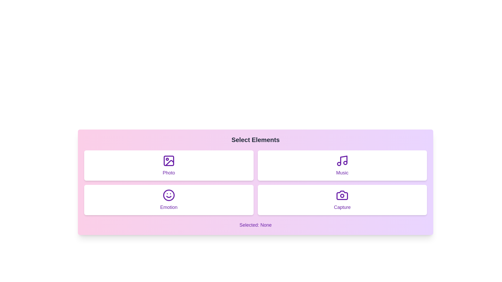  Describe the element at coordinates (342, 165) in the screenshot. I see `the element Music by clicking on its corresponding button` at that location.